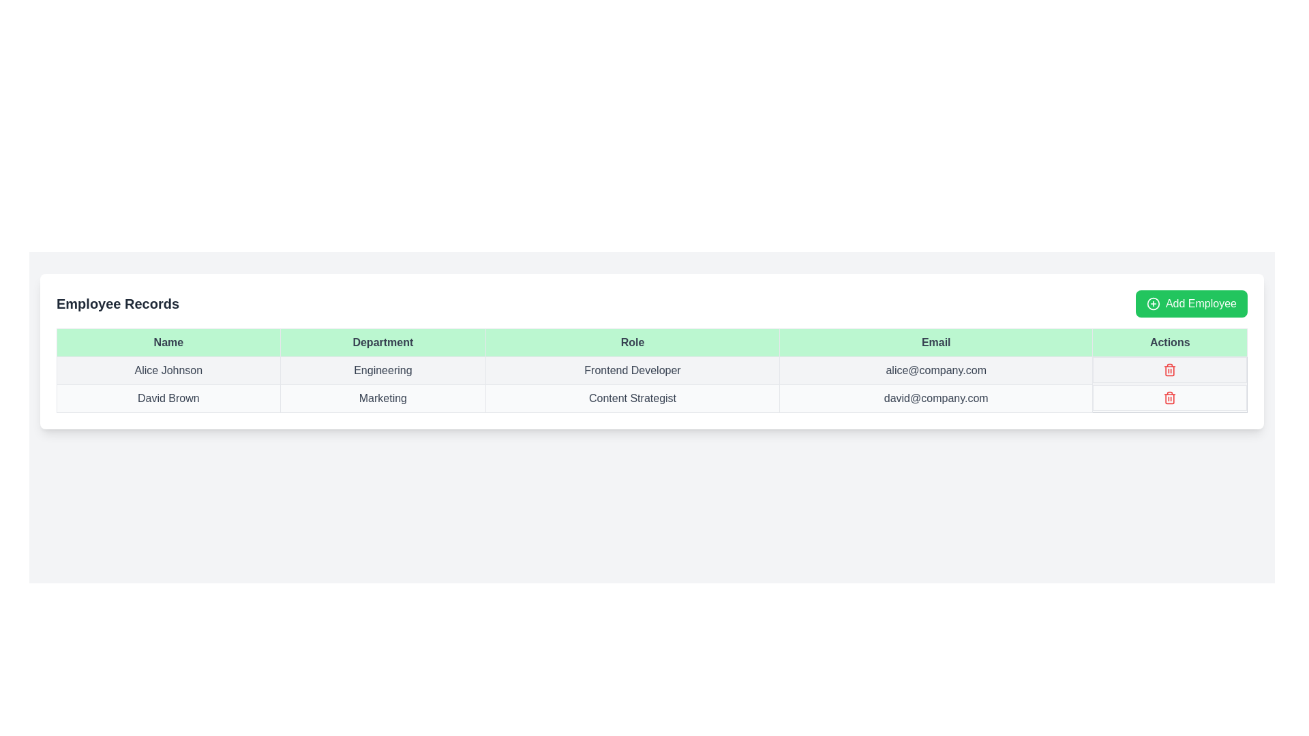  I want to click on the Static text element displaying the job role in the first row of the table, which is located between 'Engineering' and 'alice@company.com', so click(631, 370).